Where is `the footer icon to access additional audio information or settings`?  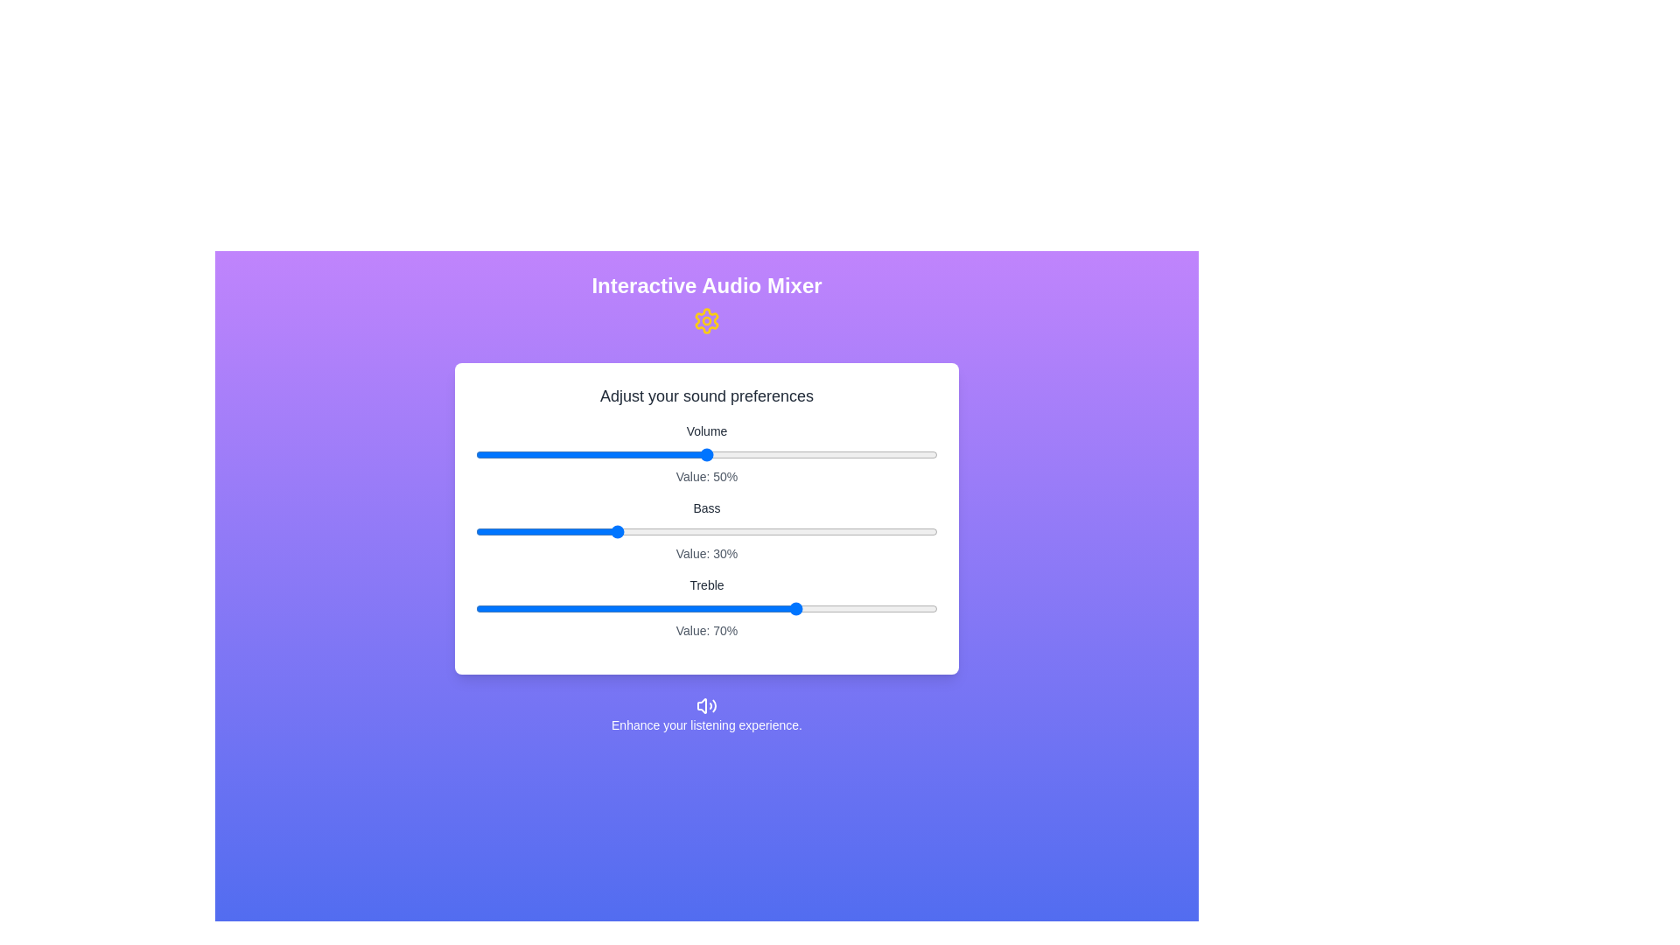 the footer icon to access additional audio information or settings is located at coordinates (706, 704).